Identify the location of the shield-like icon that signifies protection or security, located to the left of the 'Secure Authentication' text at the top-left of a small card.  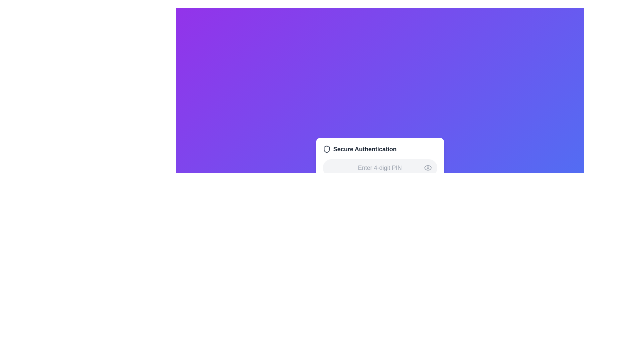
(326, 149).